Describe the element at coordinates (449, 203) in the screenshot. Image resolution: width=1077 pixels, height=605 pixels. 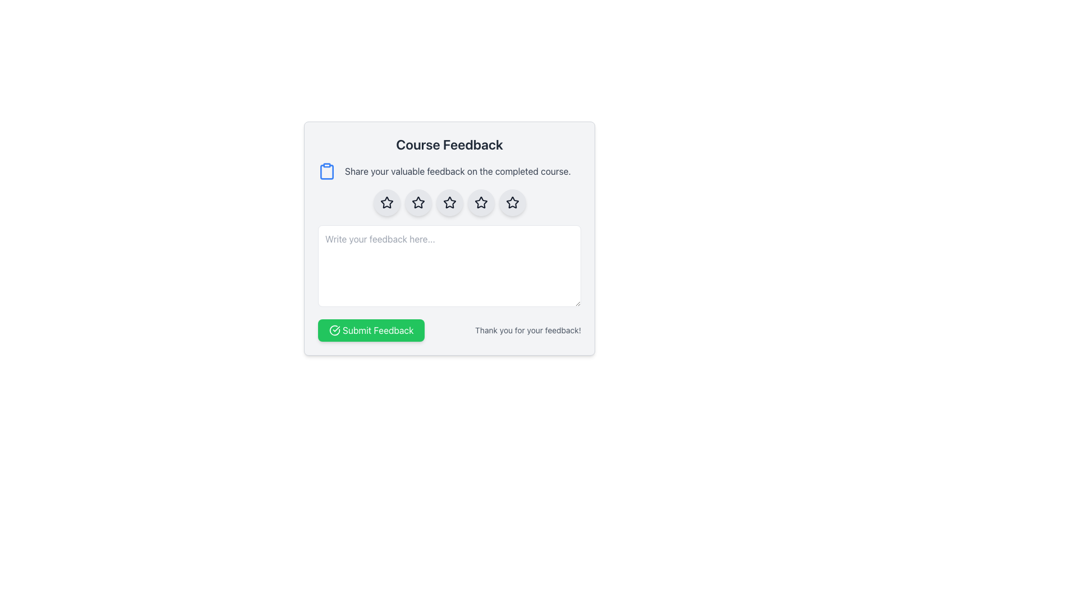
I see `the third star icon in the rating widget located in the 'Course Feedback' section` at that location.